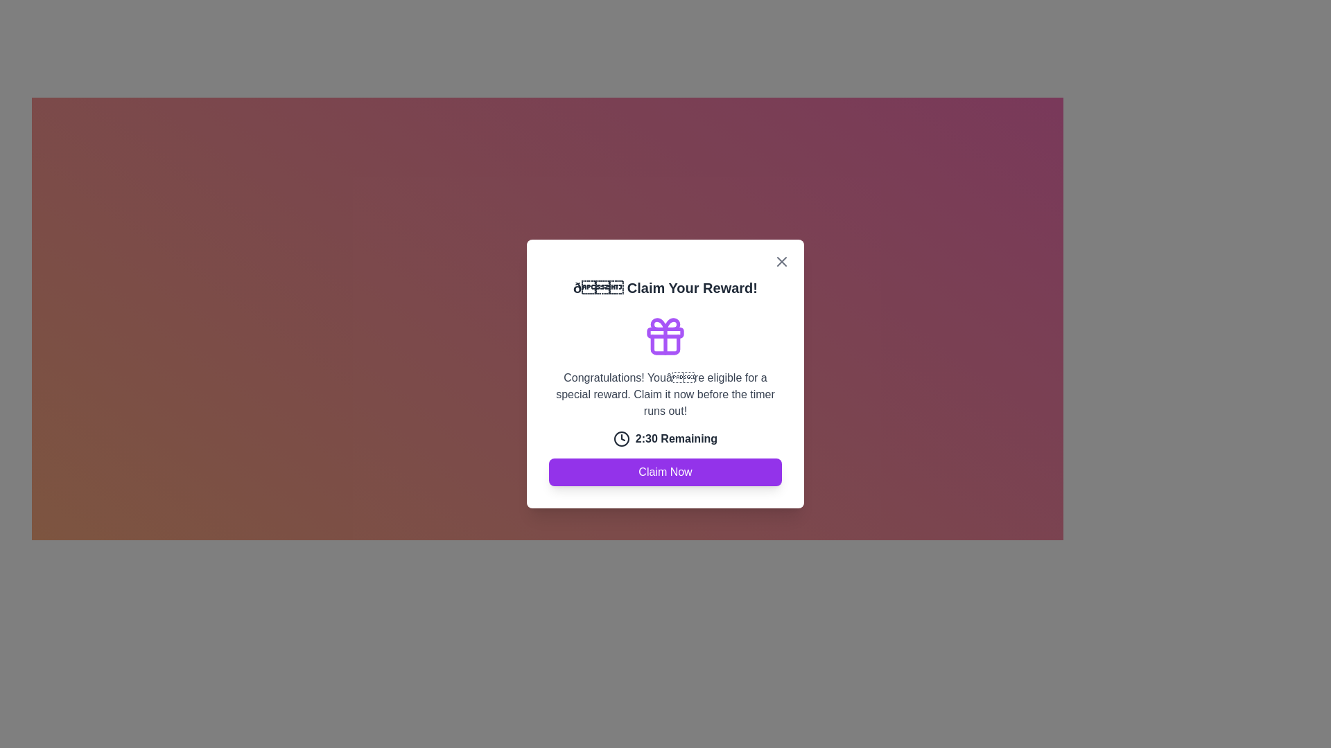 The height and width of the screenshot is (748, 1331). Describe the element at coordinates (782, 262) in the screenshot. I see `the close button located` at that location.